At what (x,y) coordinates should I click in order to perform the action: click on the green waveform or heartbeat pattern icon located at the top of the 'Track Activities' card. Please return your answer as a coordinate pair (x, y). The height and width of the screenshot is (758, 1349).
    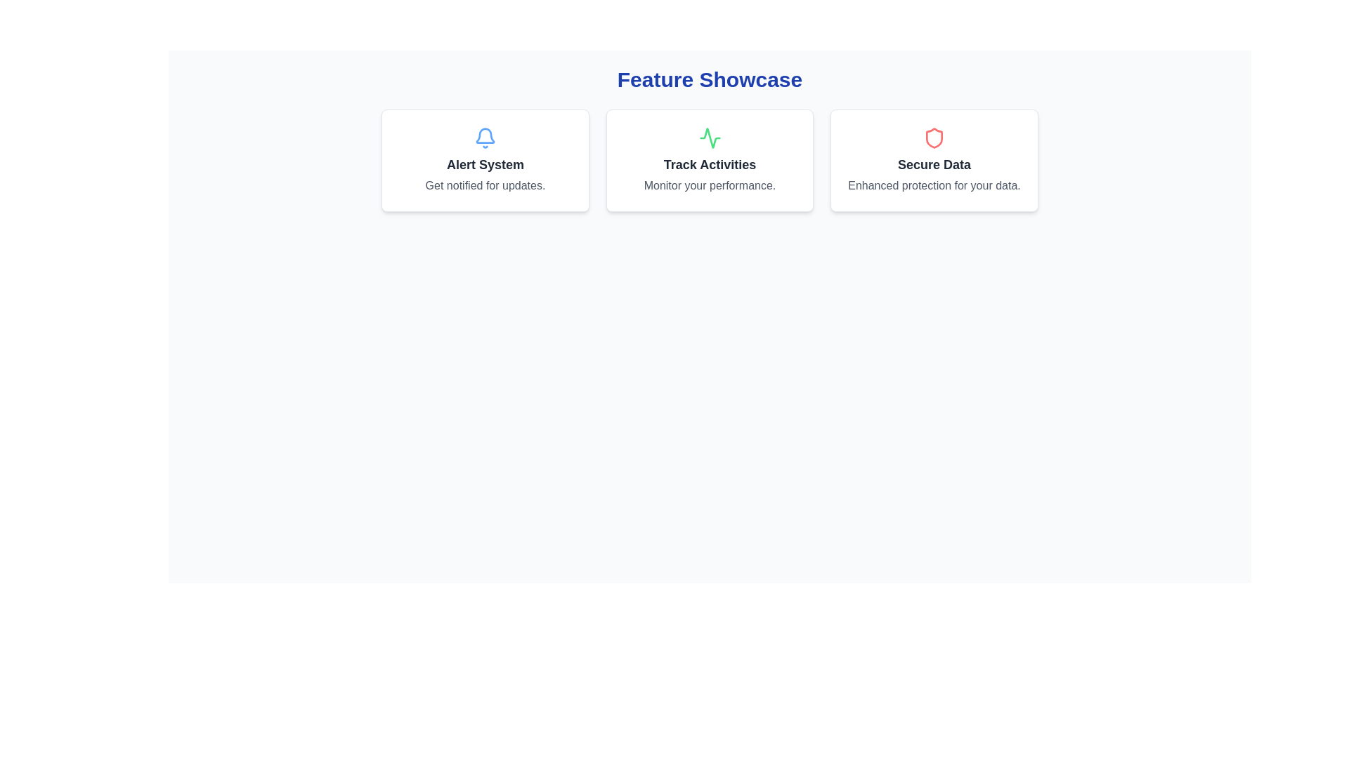
    Looking at the image, I should click on (710, 138).